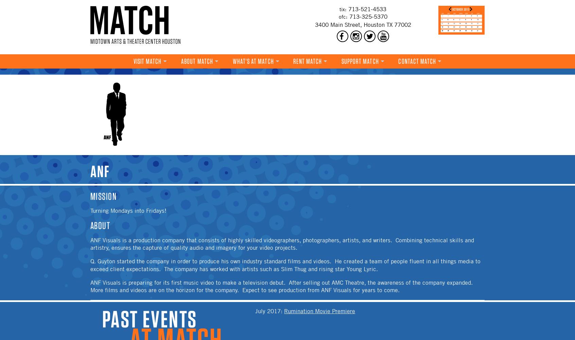 The width and height of the screenshot is (575, 340). What do you see at coordinates (90, 171) in the screenshot?
I see `'ANF'` at bounding box center [90, 171].